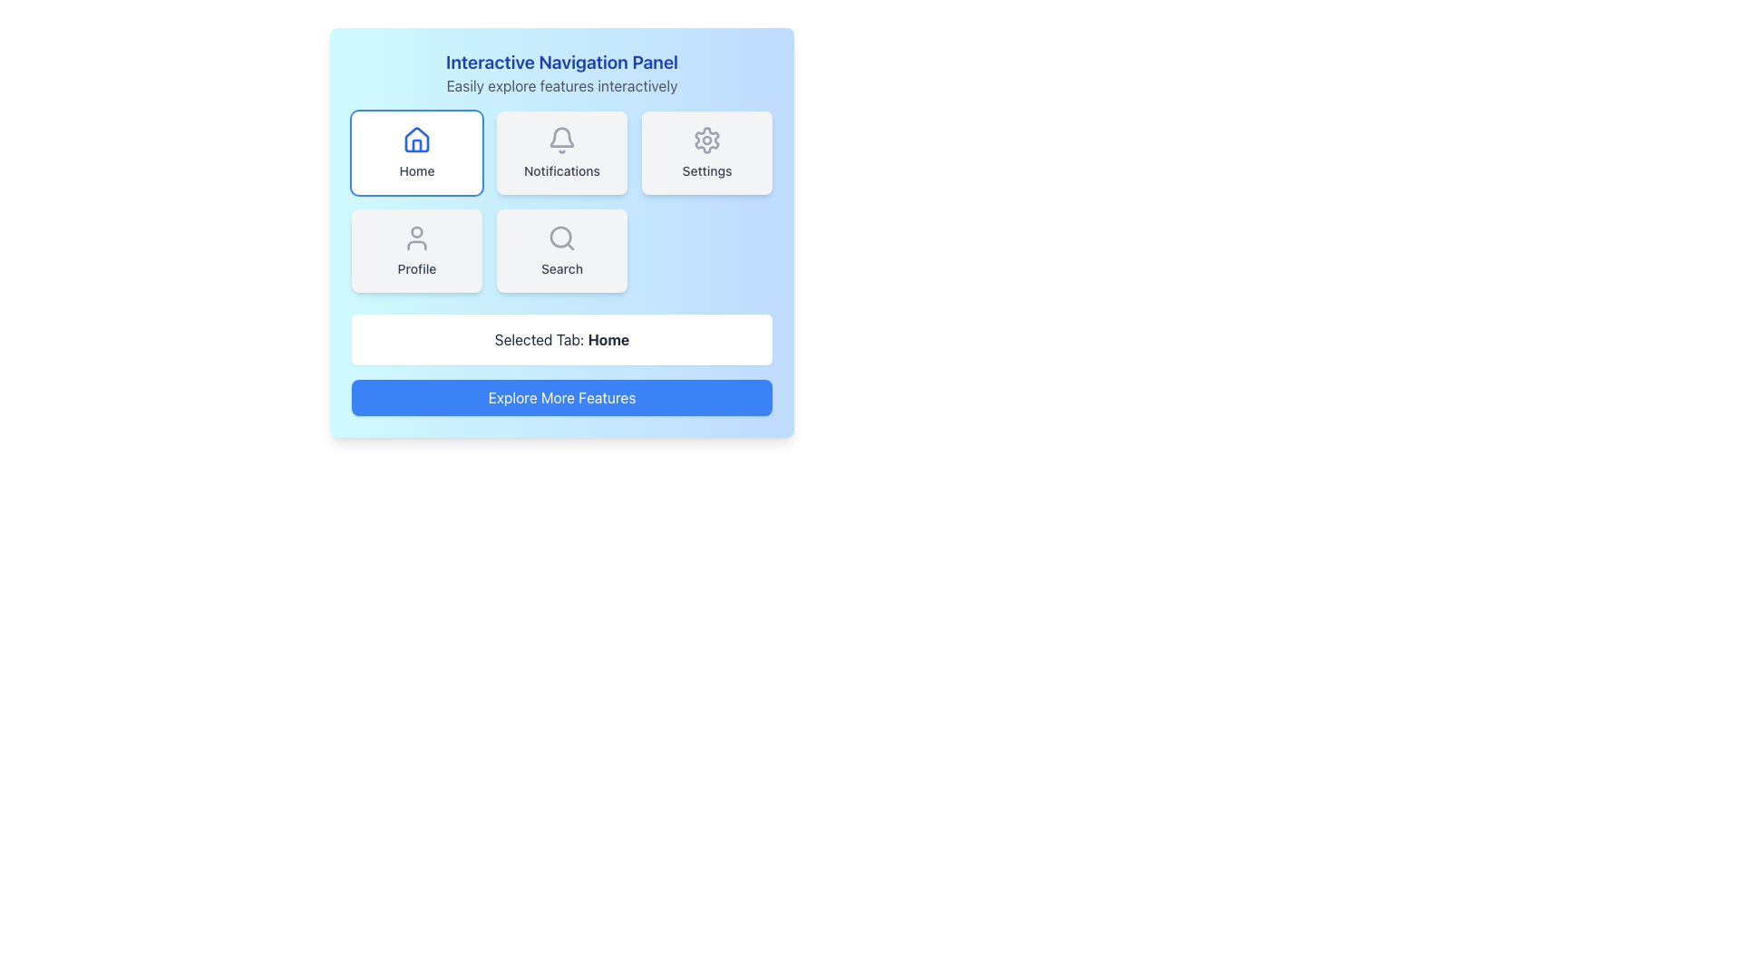 The width and height of the screenshot is (1741, 979). Describe the element at coordinates (416, 139) in the screenshot. I see `the blue house-like icon located in the top-left button of the navigation panel labeled 'Home'` at that location.